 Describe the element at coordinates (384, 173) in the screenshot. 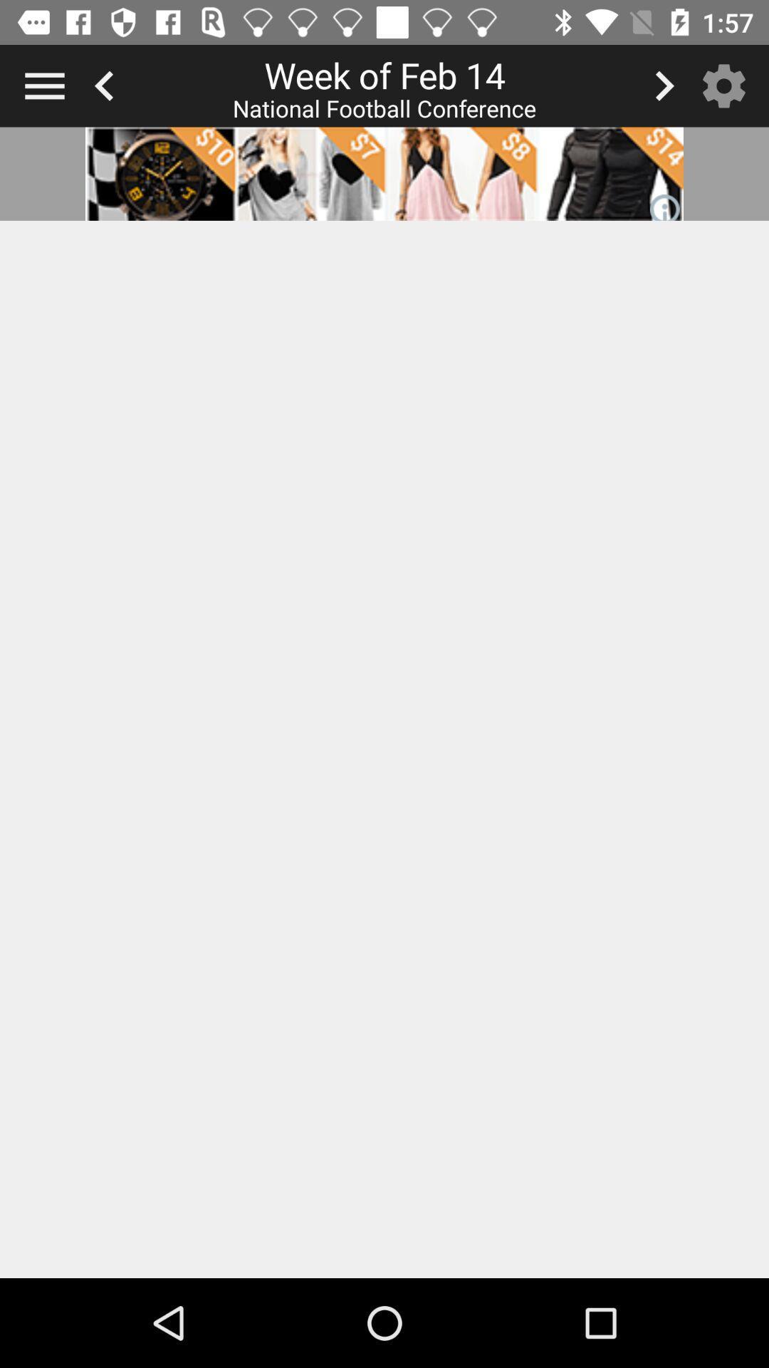

I see `advertisement website` at that location.